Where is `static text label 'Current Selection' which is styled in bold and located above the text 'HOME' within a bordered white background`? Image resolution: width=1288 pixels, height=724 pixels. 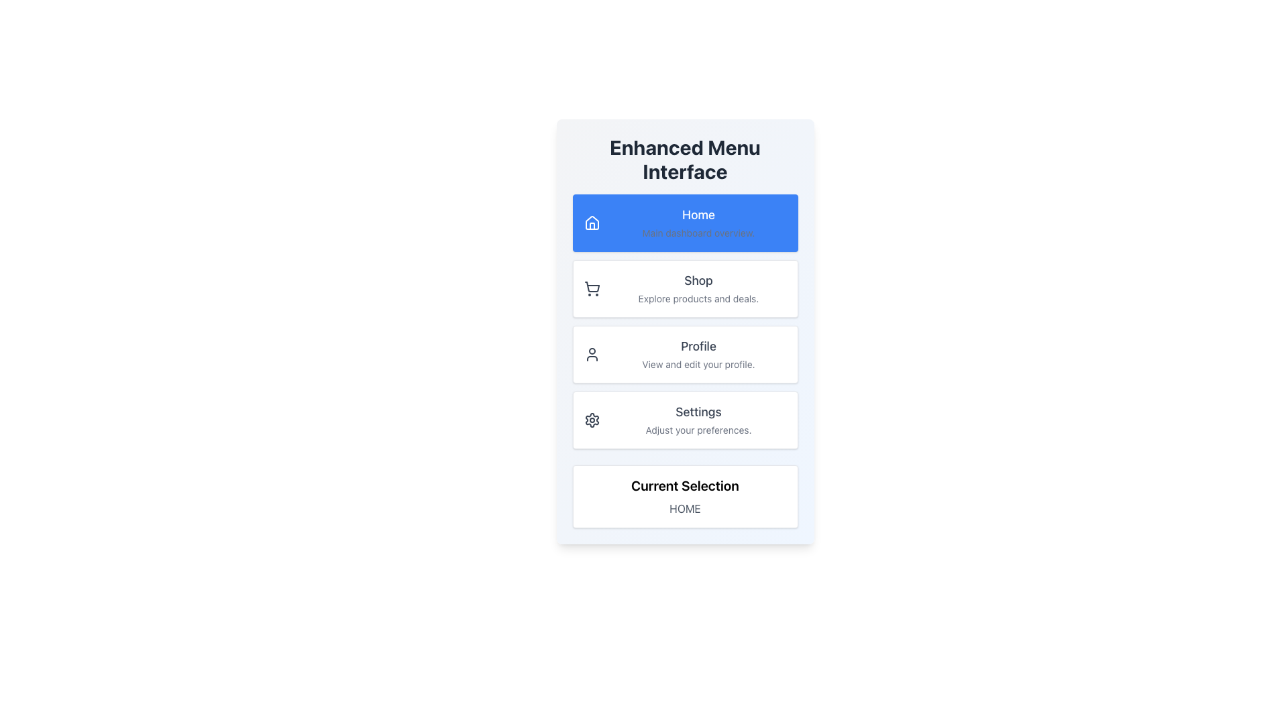
static text label 'Current Selection' which is styled in bold and located above the text 'HOME' within a bordered white background is located at coordinates (685, 486).